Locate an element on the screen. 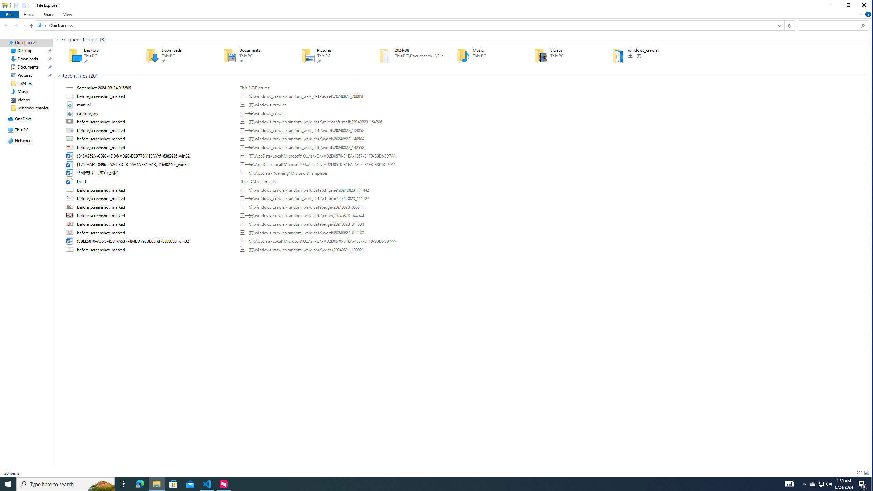 Image resolution: width=873 pixels, height=491 pixels. 'Home' is located at coordinates (28, 14).